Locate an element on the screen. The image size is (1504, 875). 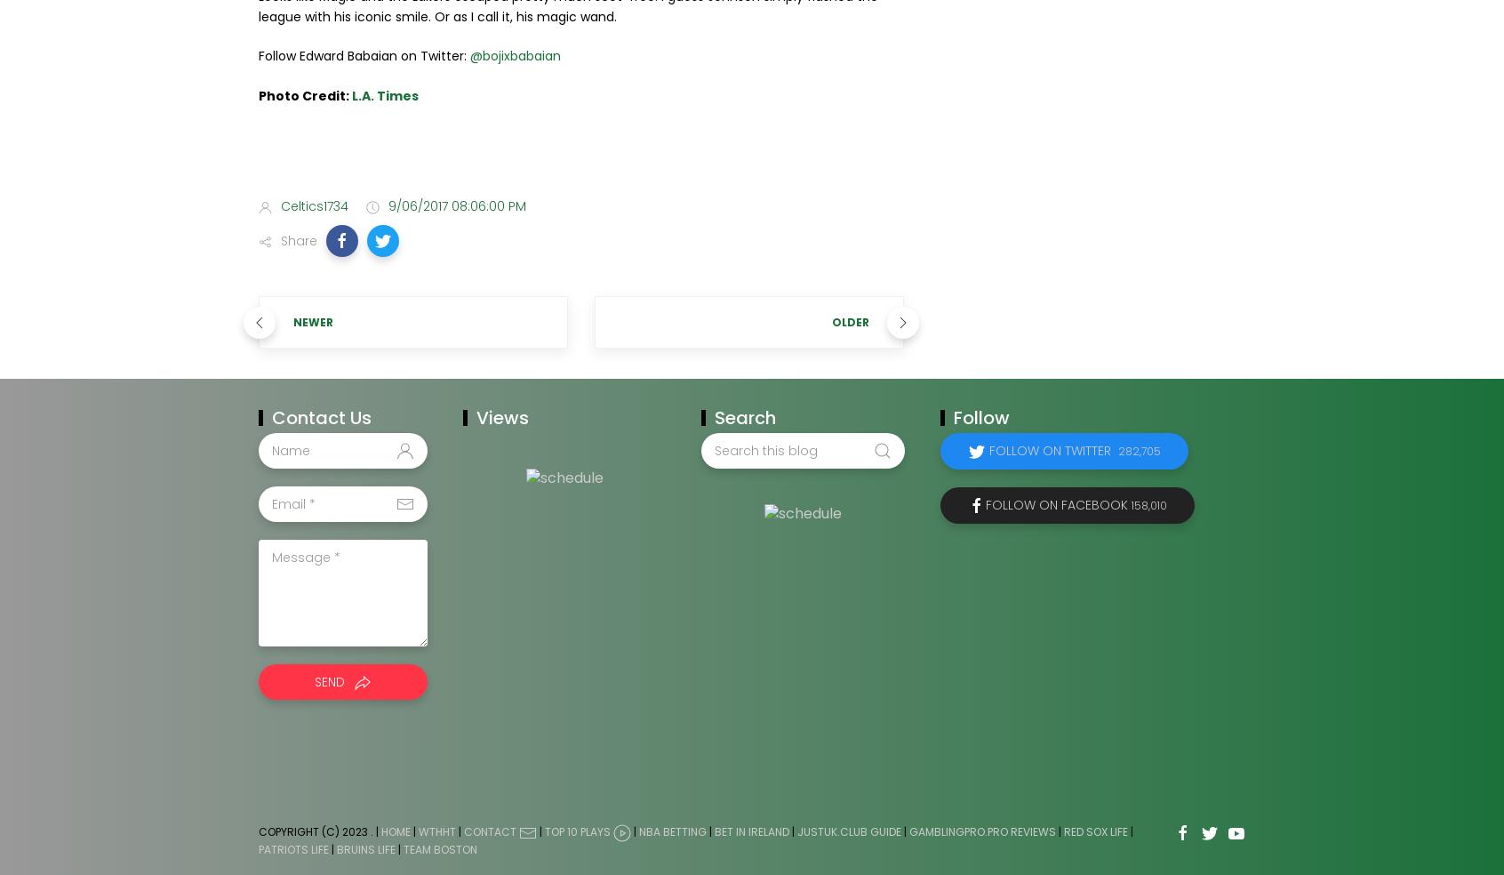
'Follow Edward Babaian on Twitter:' is located at coordinates (364, 54).